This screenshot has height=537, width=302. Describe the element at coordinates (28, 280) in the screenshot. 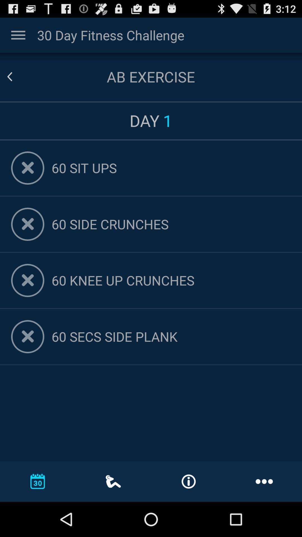

I see `remove exercise` at that location.